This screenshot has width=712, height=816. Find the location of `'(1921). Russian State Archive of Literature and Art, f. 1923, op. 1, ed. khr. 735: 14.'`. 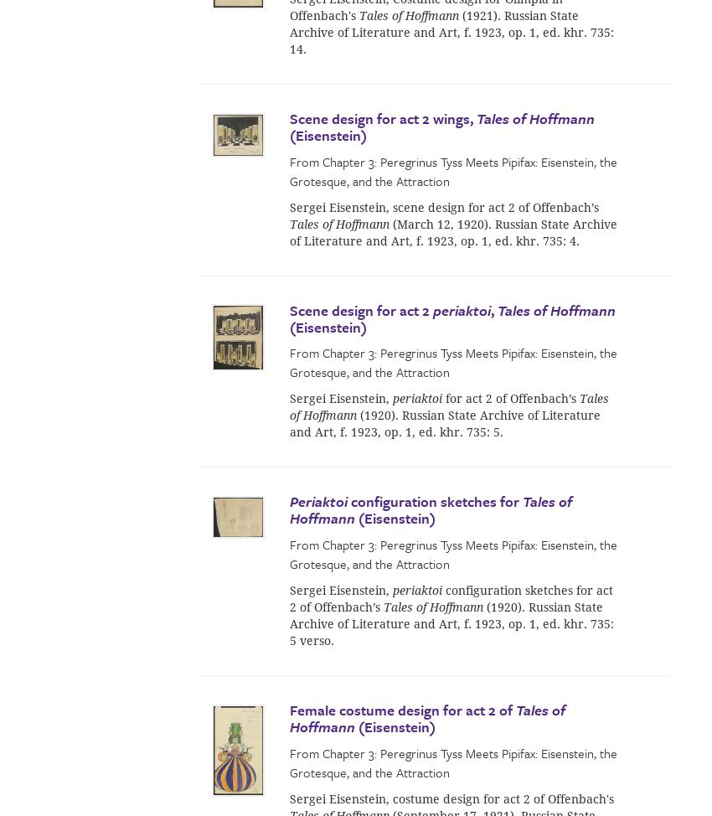

'(1921). Russian State Archive of Literature and Art, f. 1923, op. 1, ed. khr. 735: 14.' is located at coordinates (451, 32).